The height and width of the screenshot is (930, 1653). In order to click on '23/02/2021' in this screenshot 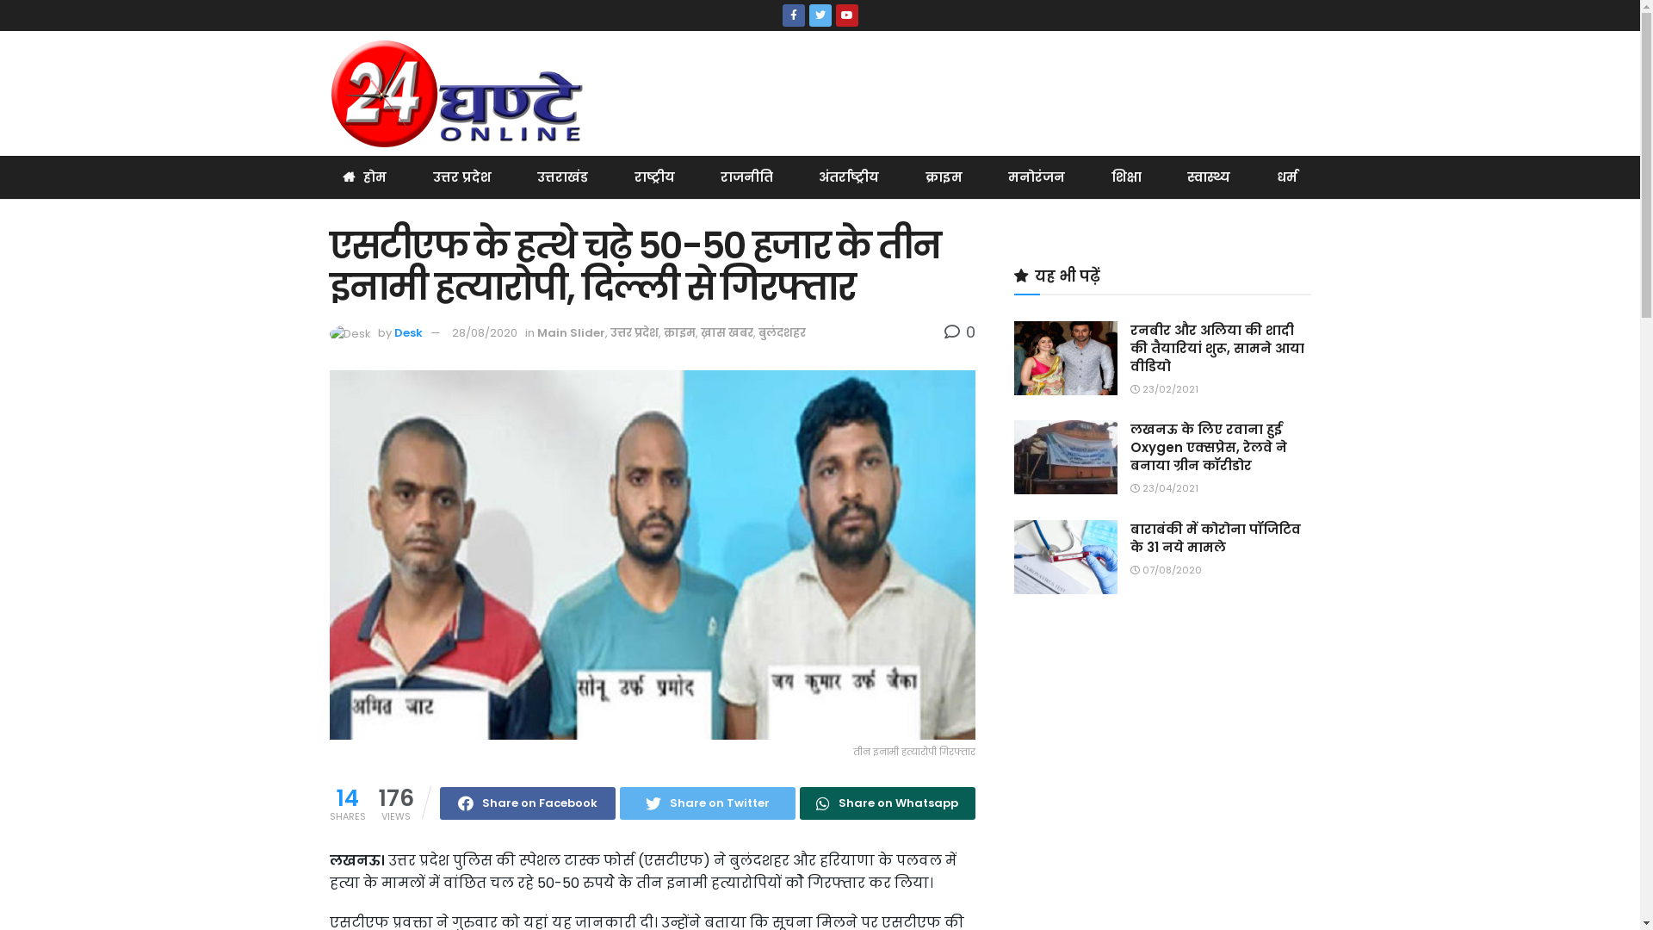, I will do `click(1163, 388)`.